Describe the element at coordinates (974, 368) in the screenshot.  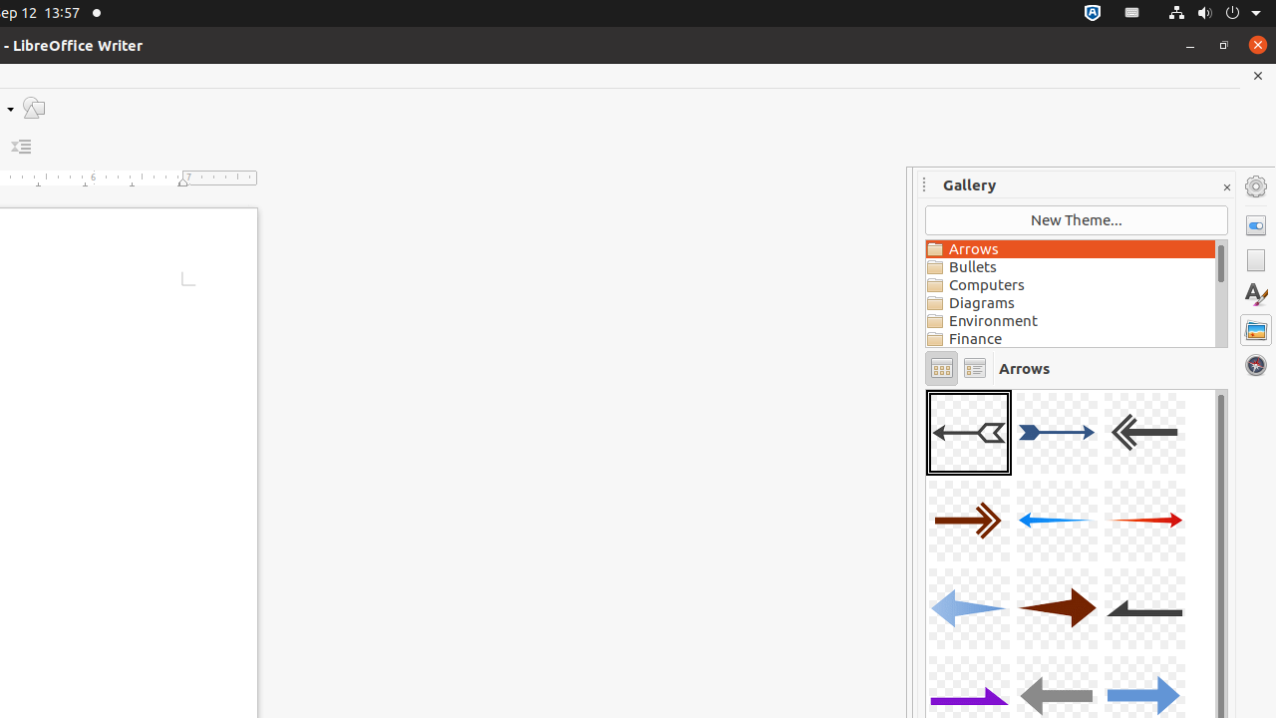
I see `'Detailed View'` at that location.